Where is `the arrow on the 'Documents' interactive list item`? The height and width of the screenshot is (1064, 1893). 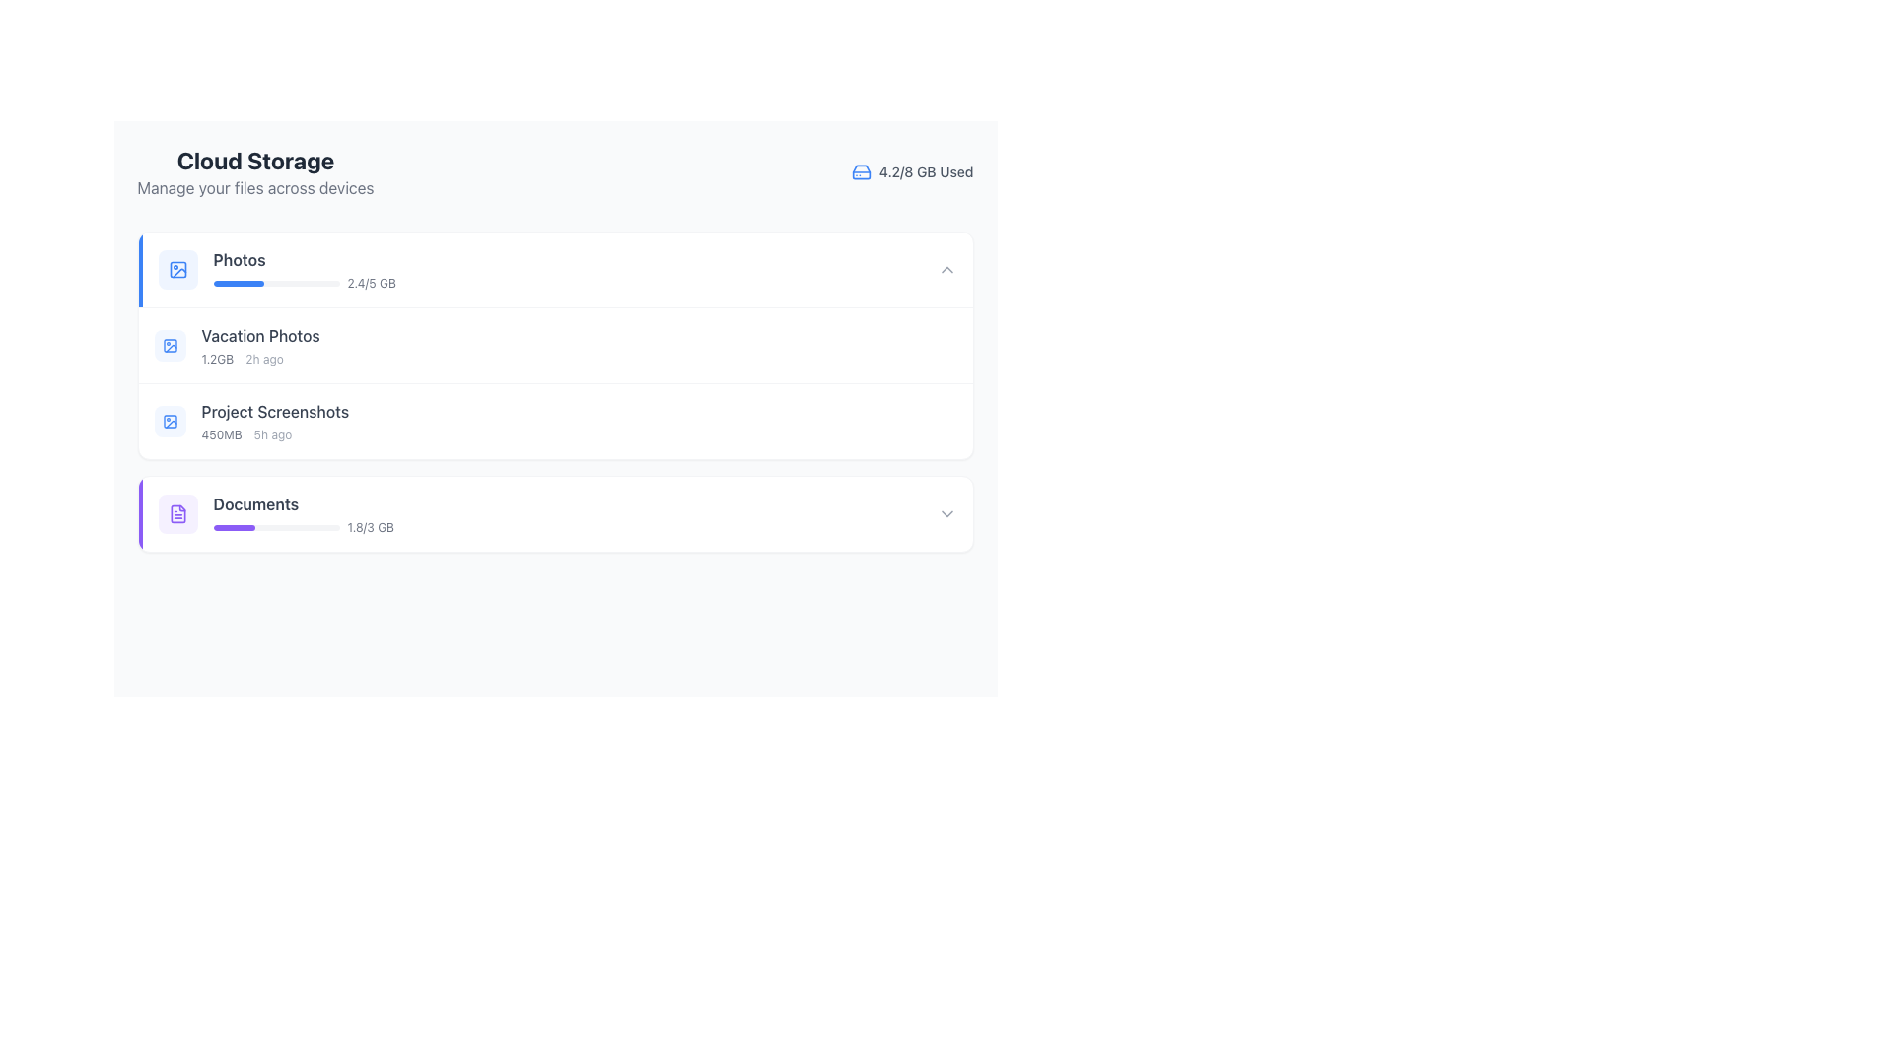
the arrow on the 'Documents' interactive list item is located at coordinates (554, 512).